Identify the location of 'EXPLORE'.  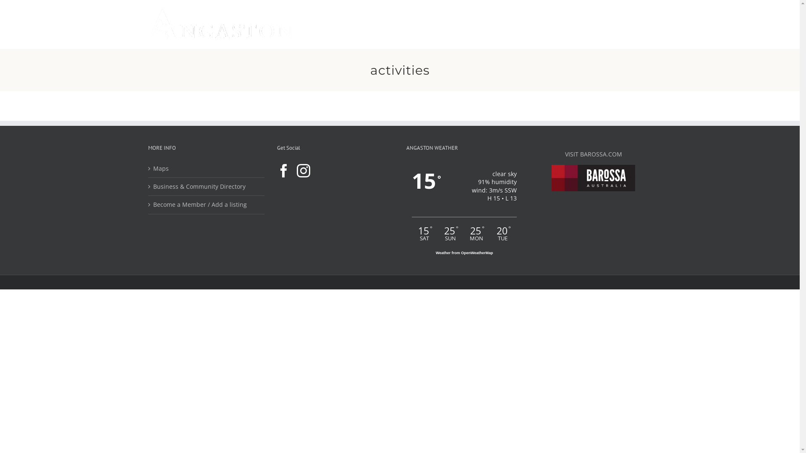
(434, 24).